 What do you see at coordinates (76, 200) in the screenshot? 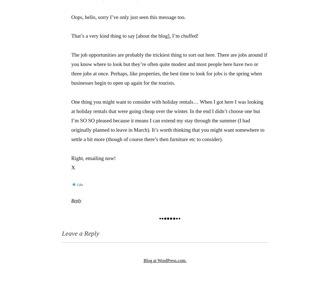
I see `'Reply'` at bounding box center [76, 200].